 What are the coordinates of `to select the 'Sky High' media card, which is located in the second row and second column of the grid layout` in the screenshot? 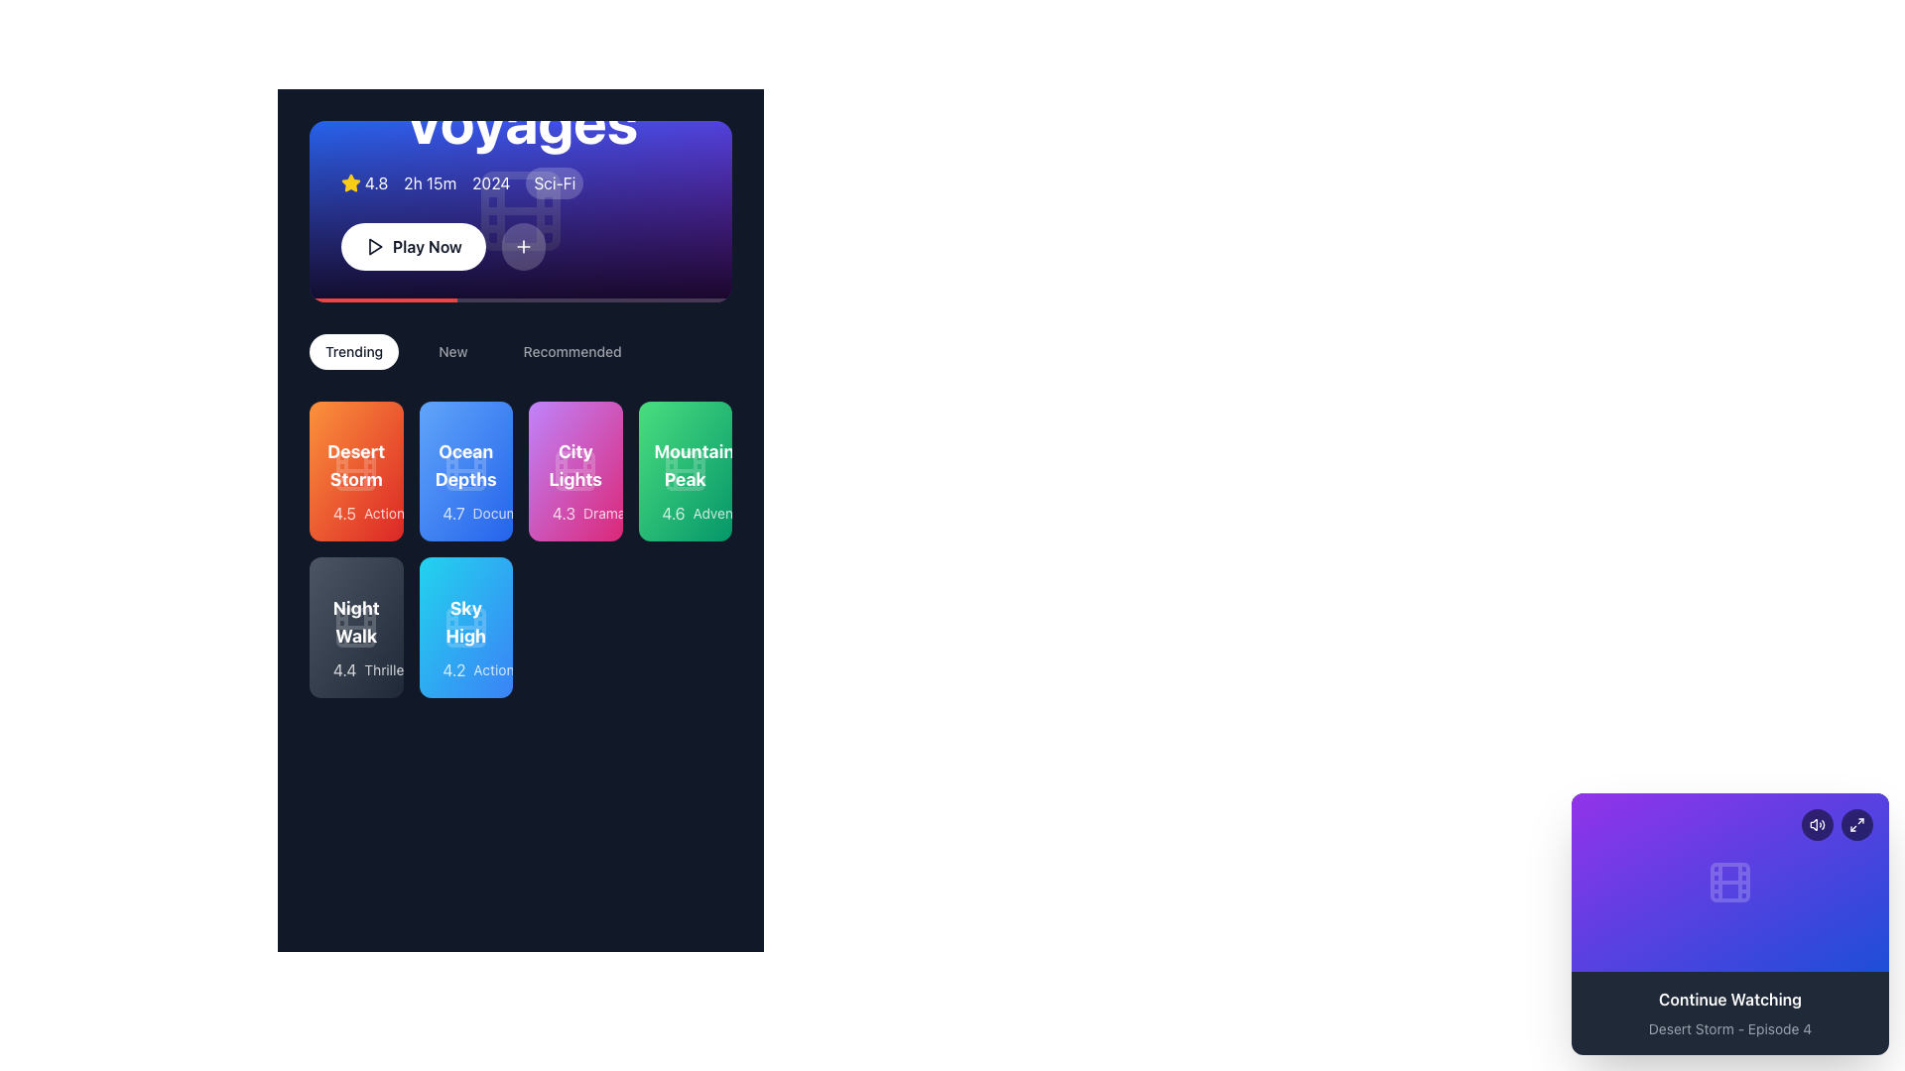 It's located at (464, 628).